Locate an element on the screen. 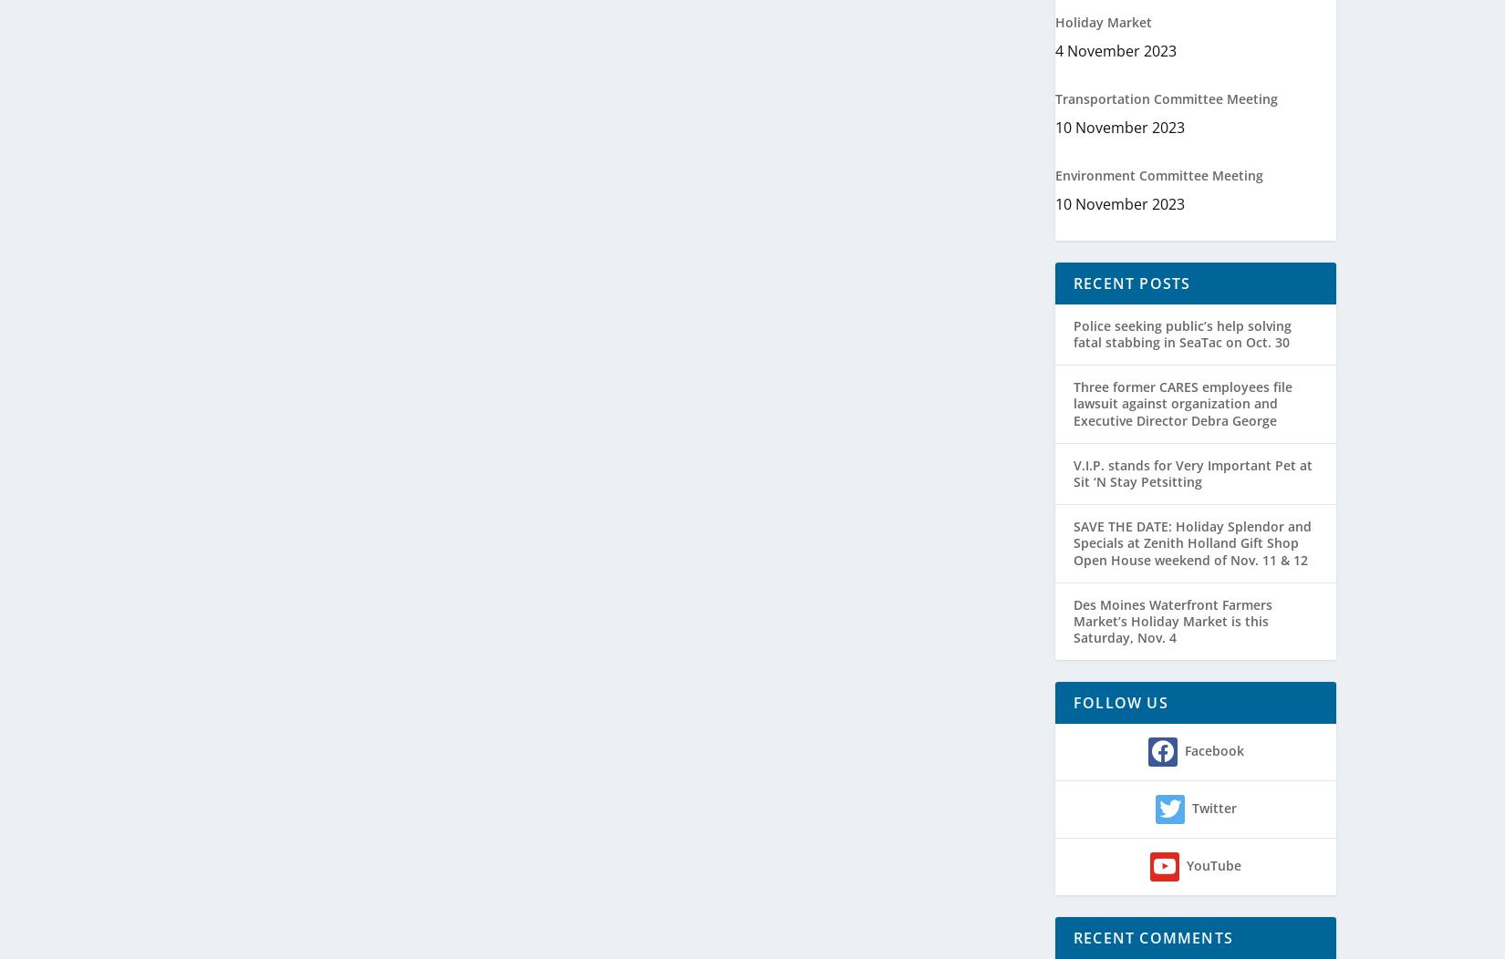 This screenshot has height=959, width=1505. 'SAVE THE DATE: Holiday Splendor and Specials at Zenith Holland Gift Shop Open House weekend of Nov. 11 & 12' is located at coordinates (1191, 541).